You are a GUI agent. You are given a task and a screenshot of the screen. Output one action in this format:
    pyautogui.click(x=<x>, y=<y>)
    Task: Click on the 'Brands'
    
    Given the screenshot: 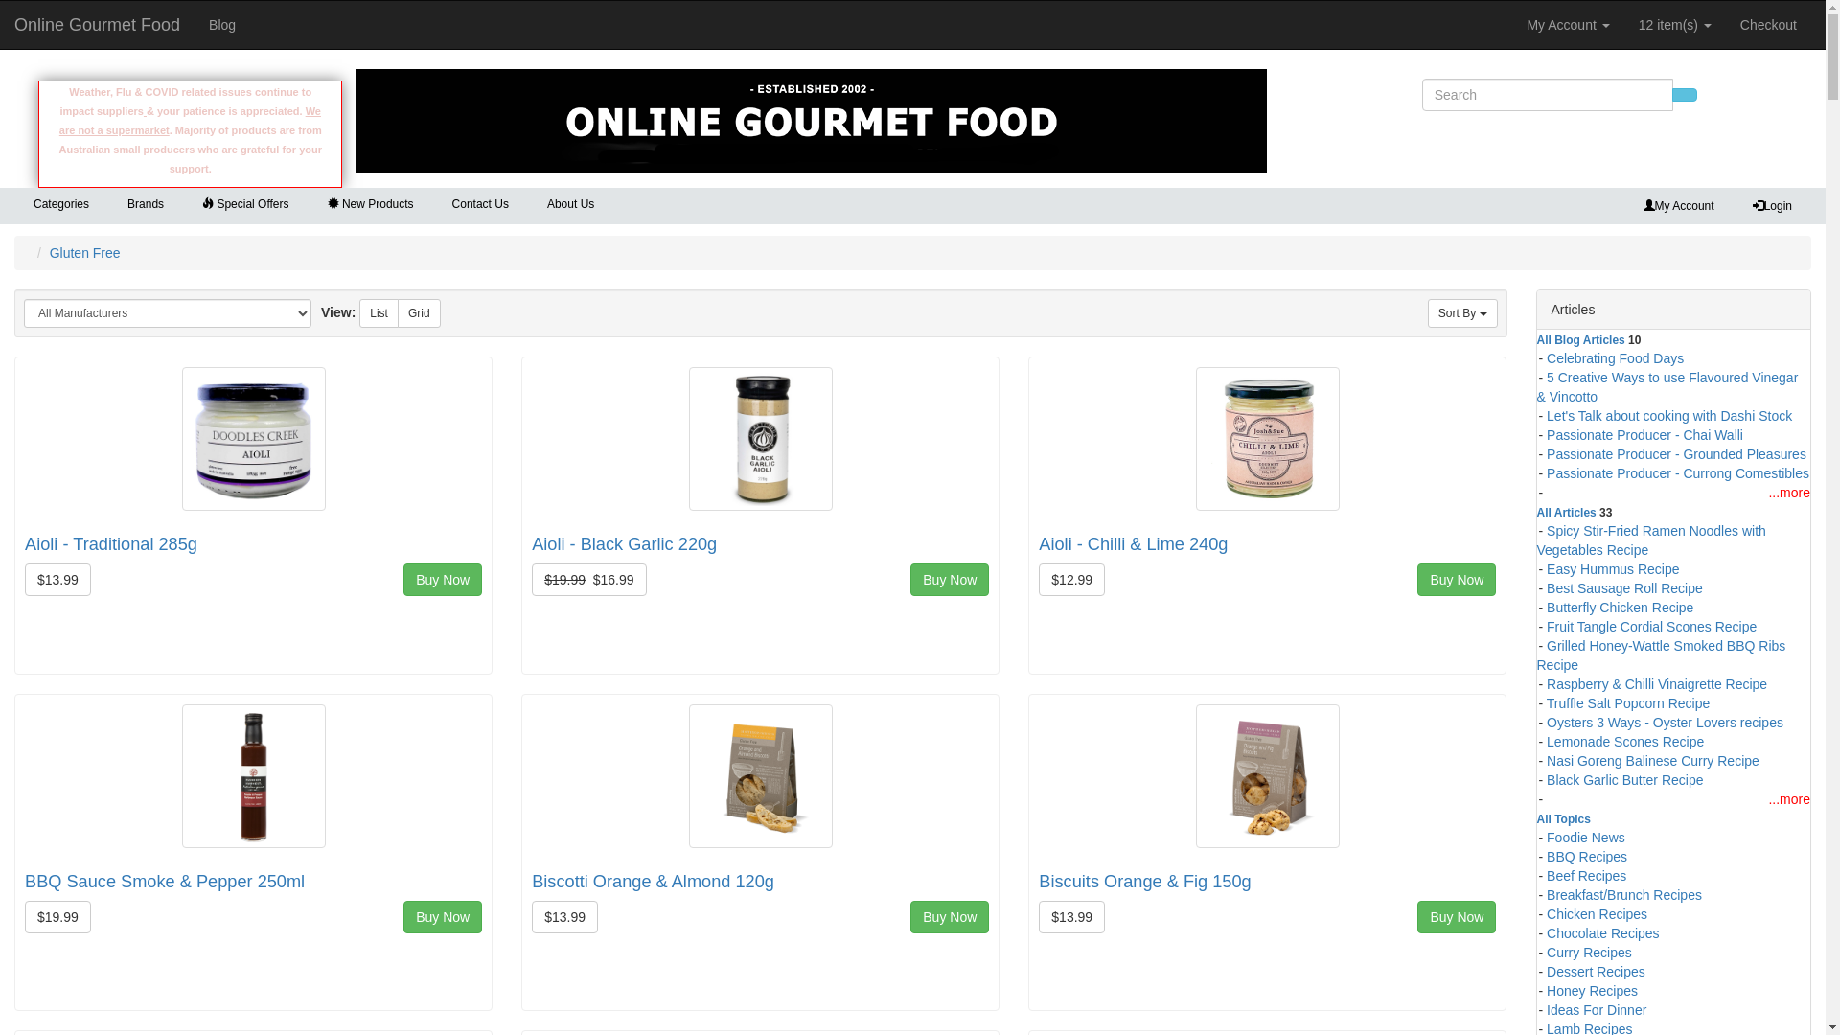 What is the action you would take?
    pyautogui.click(x=145, y=202)
    